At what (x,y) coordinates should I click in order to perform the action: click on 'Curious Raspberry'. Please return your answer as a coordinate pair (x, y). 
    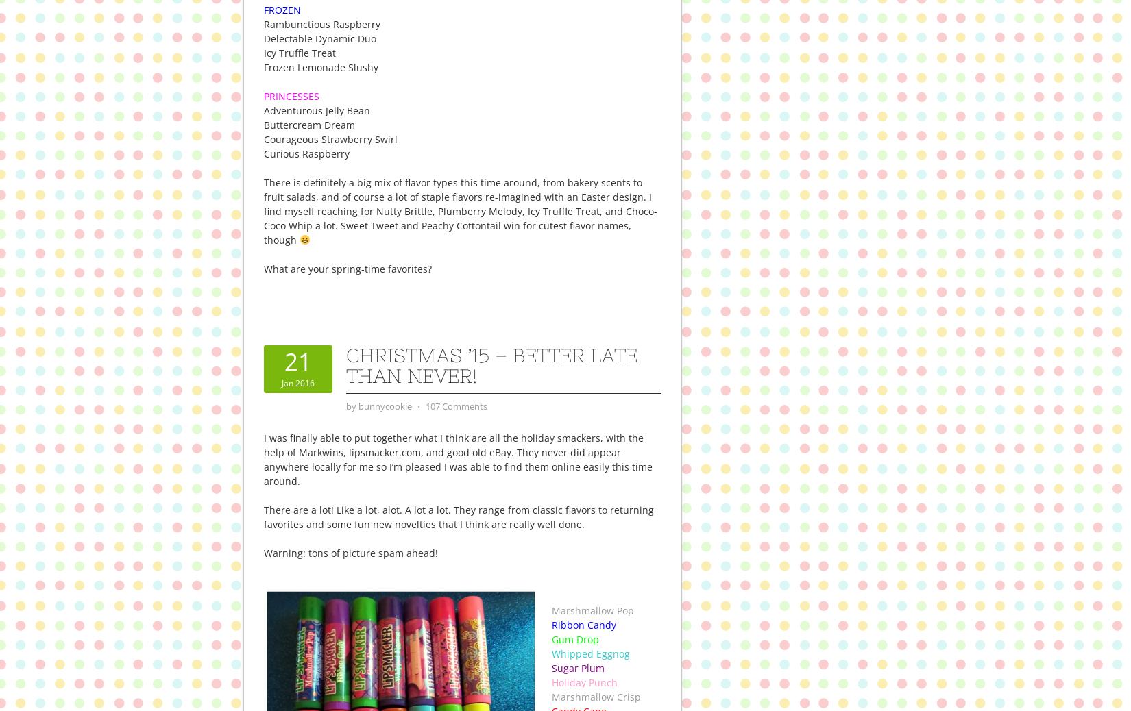
    Looking at the image, I should click on (306, 152).